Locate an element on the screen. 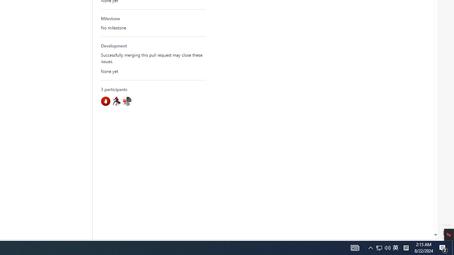 The height and width of the screenshot is (255, 454). '@MajkiIT' is located at coordinates (127, 101).